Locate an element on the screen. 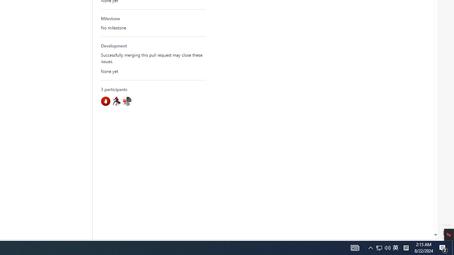 The height and width of the screenshot is (255, 454). '@MajkiIT' is located at coordinates (127, 101).